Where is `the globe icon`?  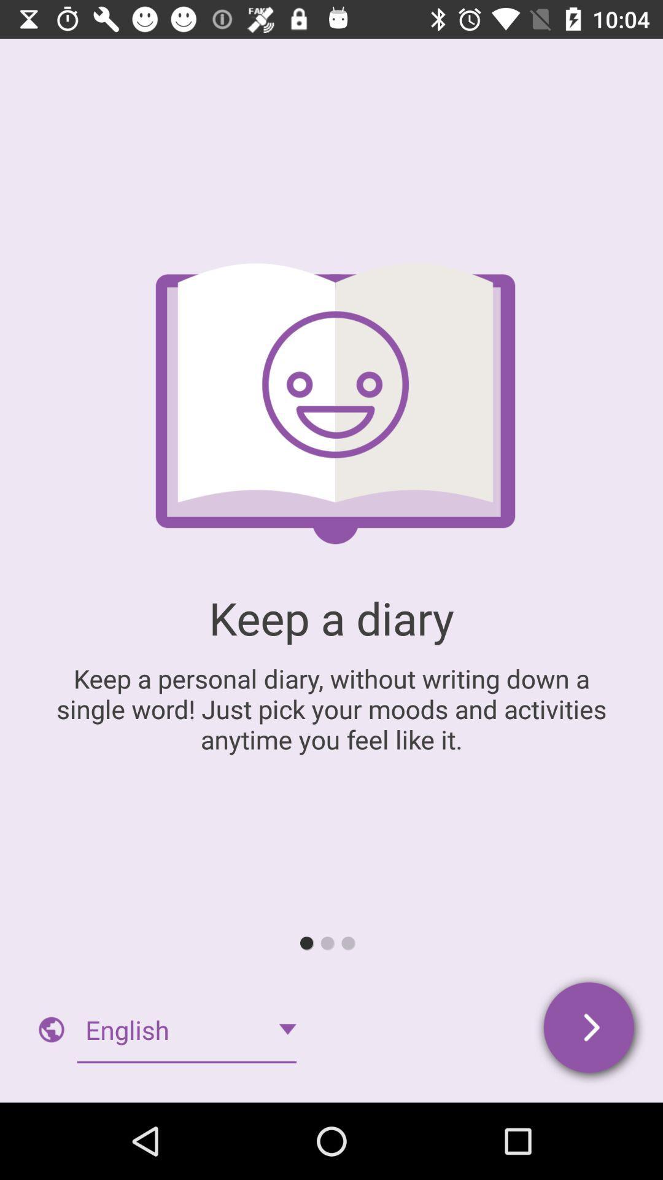 the globe icon is located at coordinates (51, 1029).